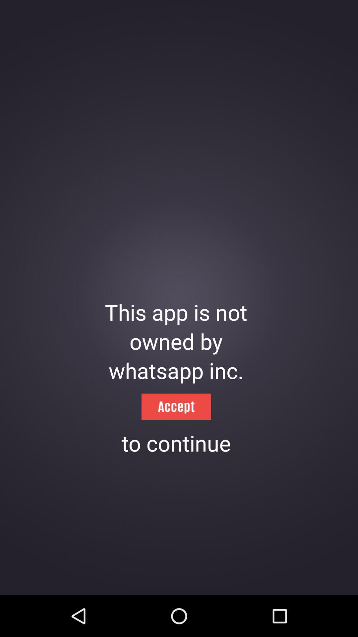  What do you see at coordinates (176, 406) in the screenshot?
I see `accept` at bounding box center [176, 406].